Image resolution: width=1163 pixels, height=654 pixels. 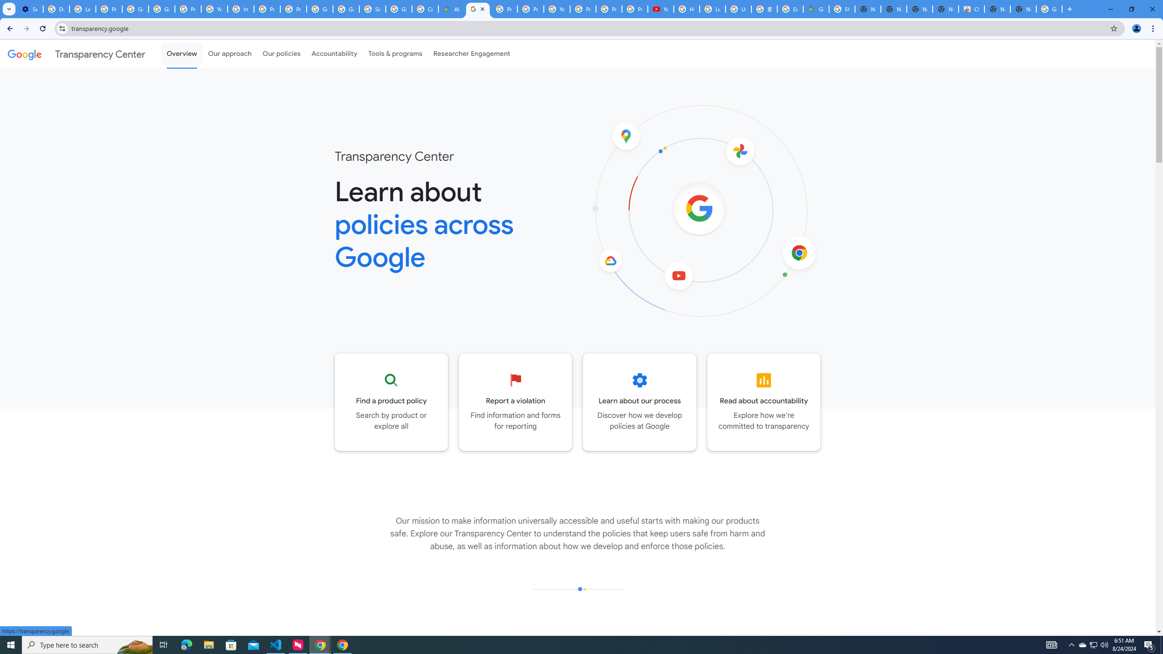 I want to click on 'Privacy Help Center - Policies Help', so click(x=503, y=9).